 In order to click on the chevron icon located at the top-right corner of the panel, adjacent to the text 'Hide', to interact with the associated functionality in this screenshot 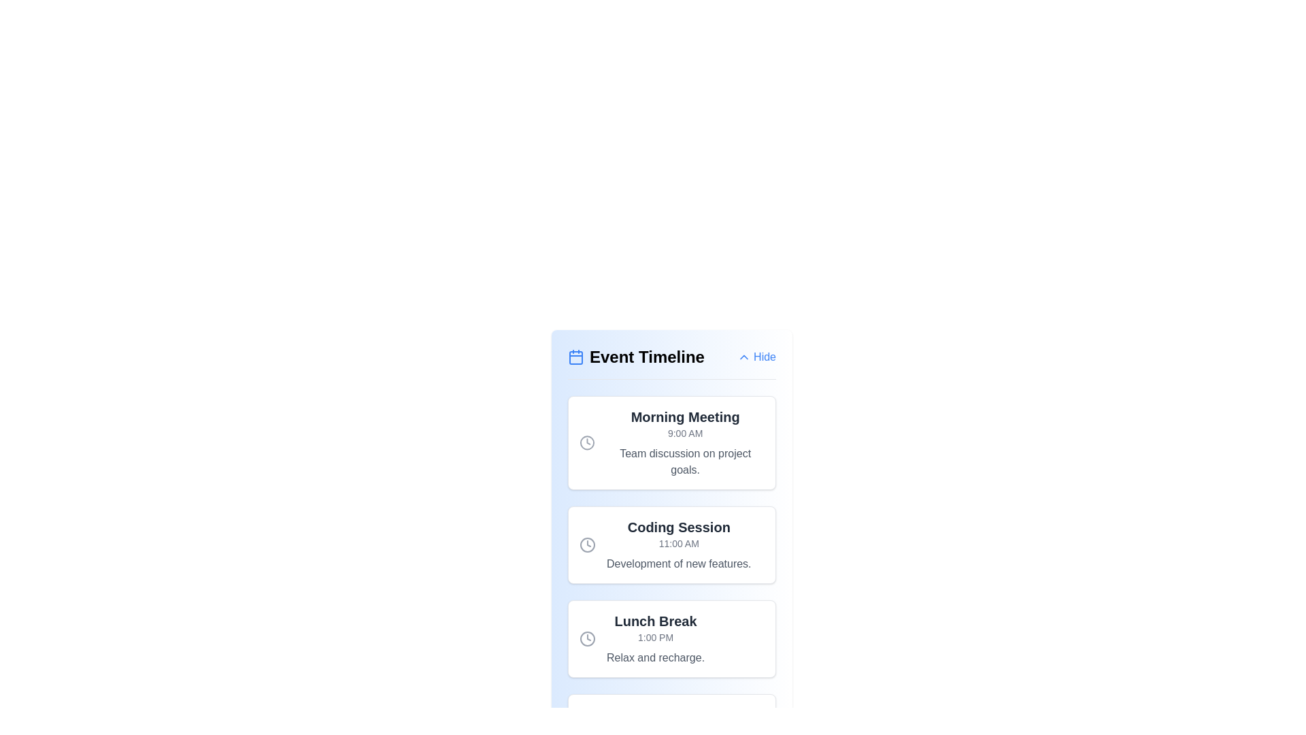, I will do `click(743, 356)`.